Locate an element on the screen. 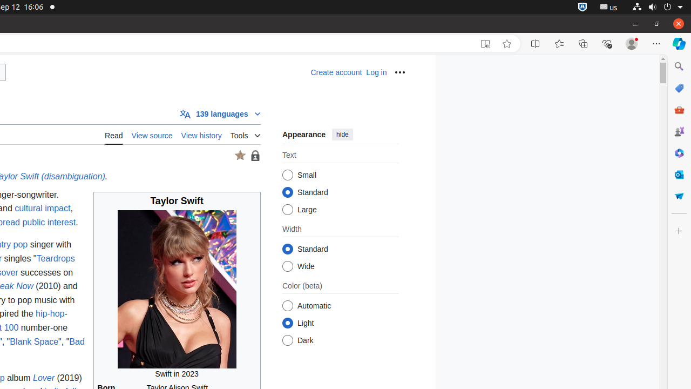 The width and height of the screenshot is (691, 389). 'Browser essentials' is located at coordinates (606, 43).